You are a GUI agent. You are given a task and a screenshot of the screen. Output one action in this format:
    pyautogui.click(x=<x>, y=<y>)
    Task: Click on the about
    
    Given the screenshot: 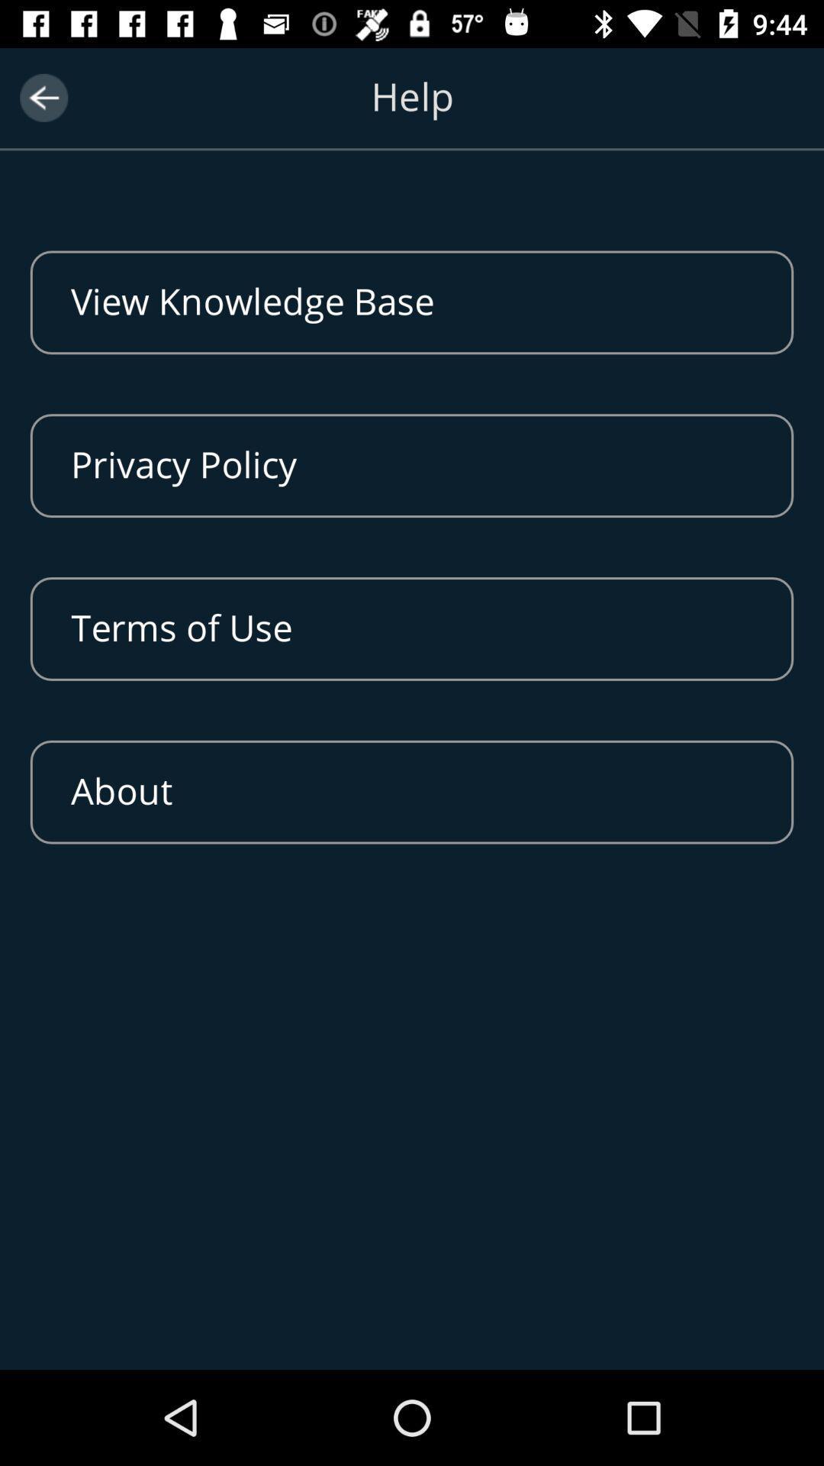 What is the action you would take?
    pyautogui.click(x=412, y=792)
    